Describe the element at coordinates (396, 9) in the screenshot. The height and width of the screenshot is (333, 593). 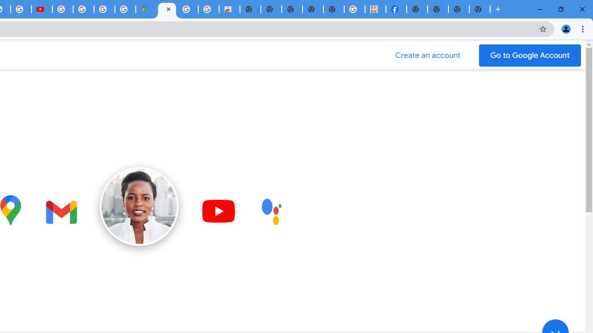
I see `'Miley Cyrus | Facebook'` at that location.